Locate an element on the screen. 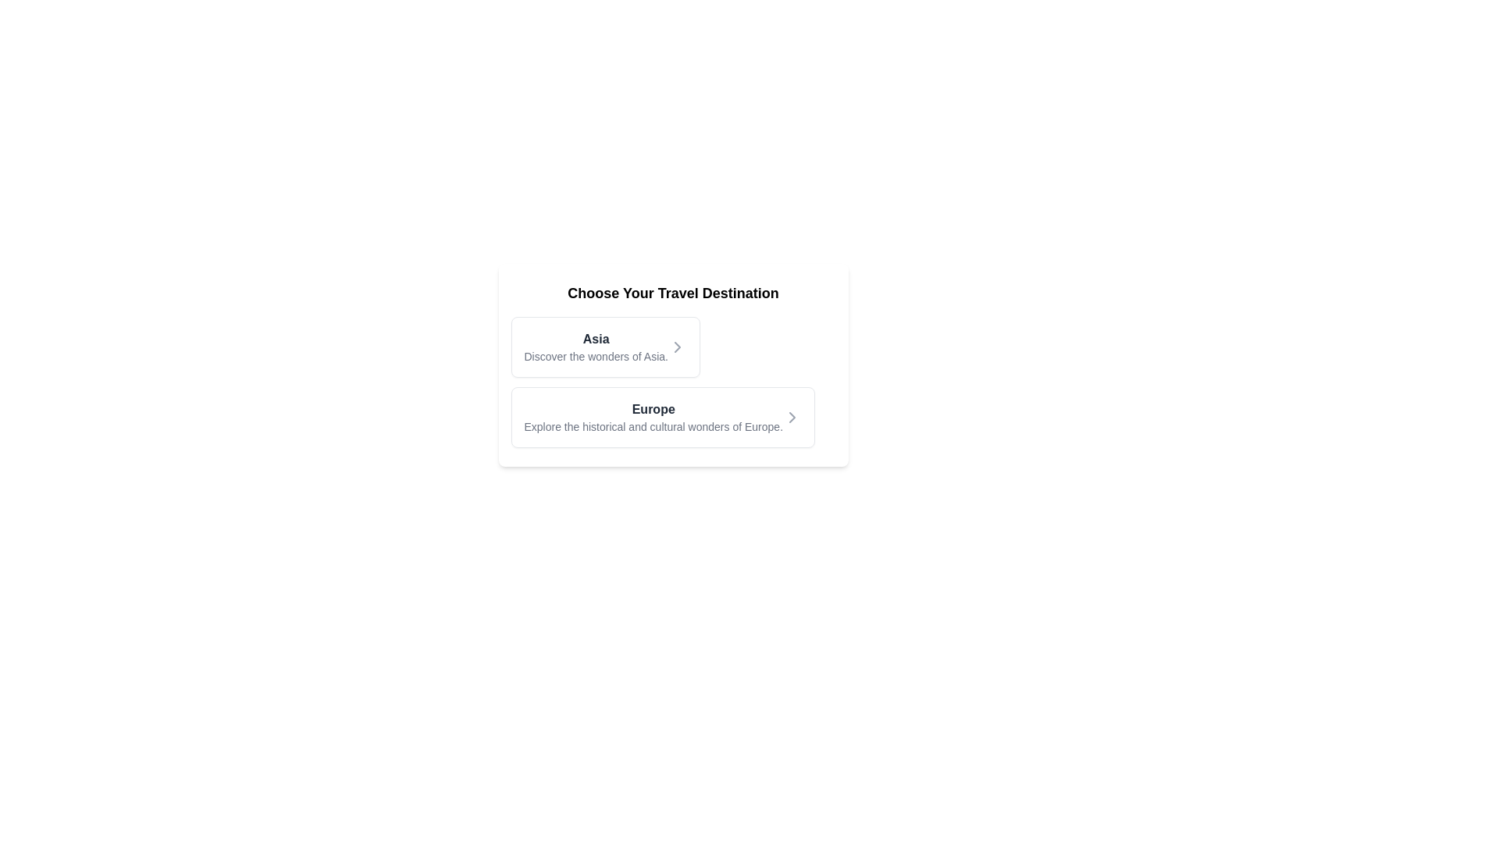  the text label displaying 'Discover the wonders of Asia.' which is located below the title 'Asia' in the upper card representing the Asia travel option is located at coordinates (595, 356).